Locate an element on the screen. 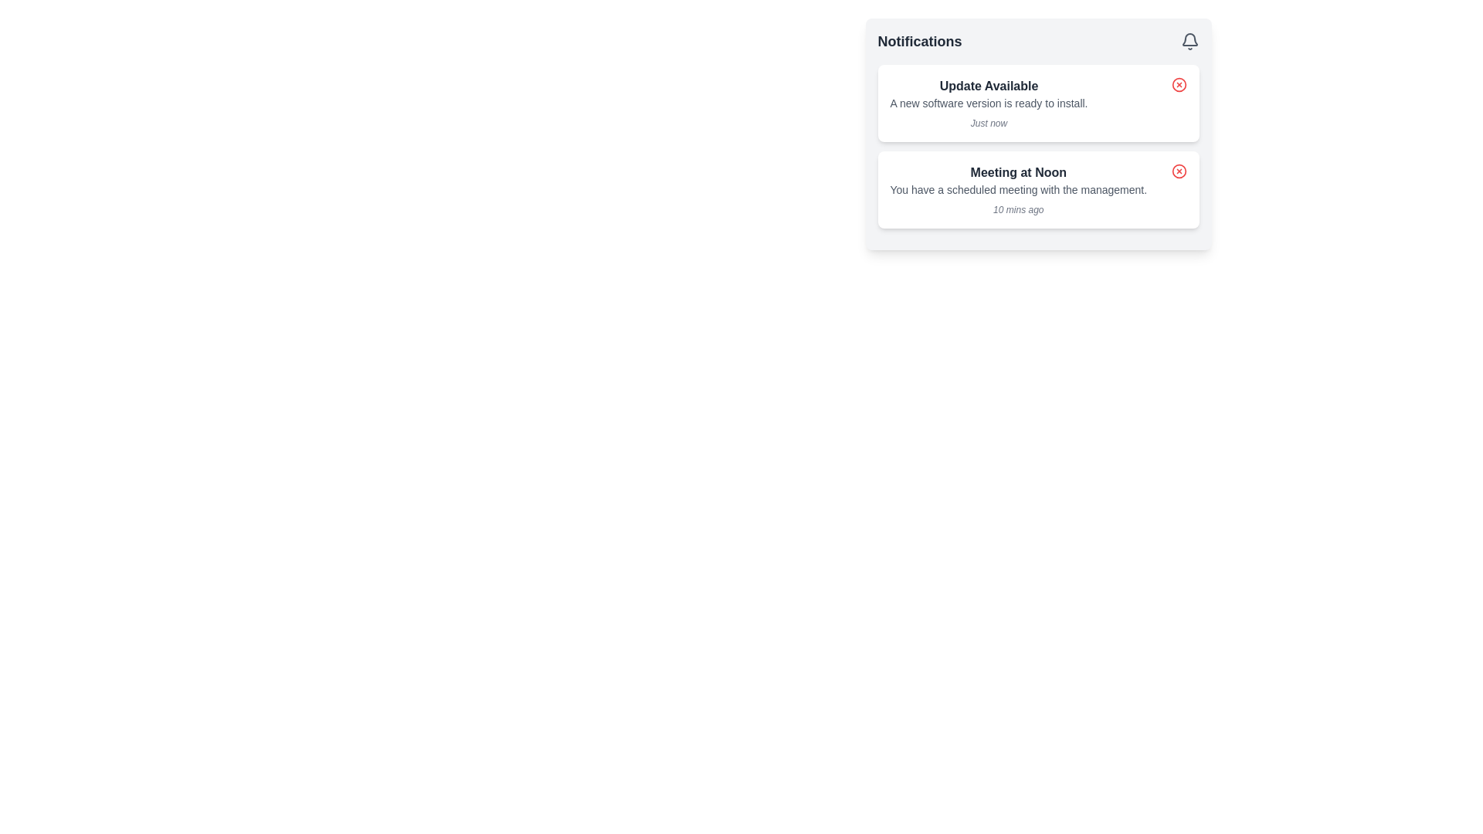 This screenshot has height=834, width=1483. the text headline 'Update Available' is located at coordinates (989, 86).